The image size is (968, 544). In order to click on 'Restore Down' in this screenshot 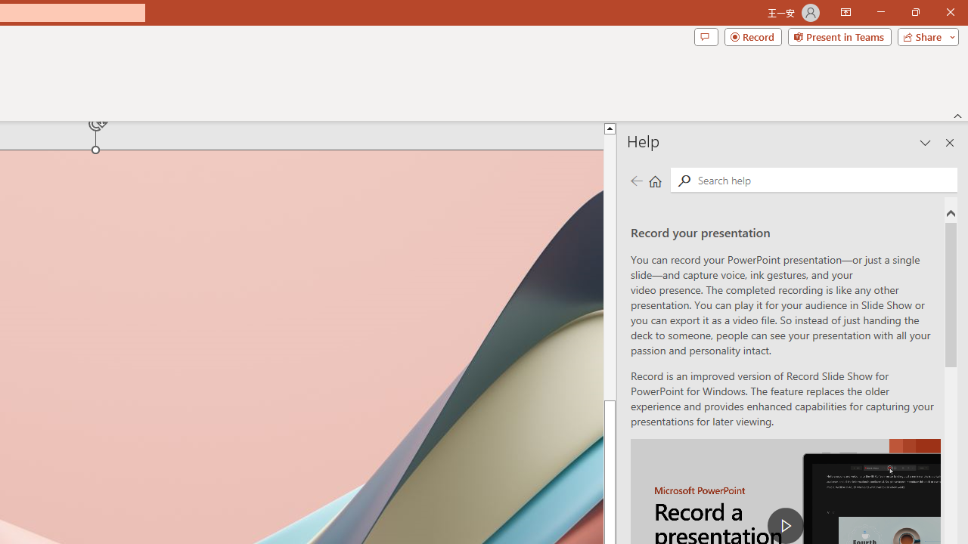, I will do `click(914, 12)`.